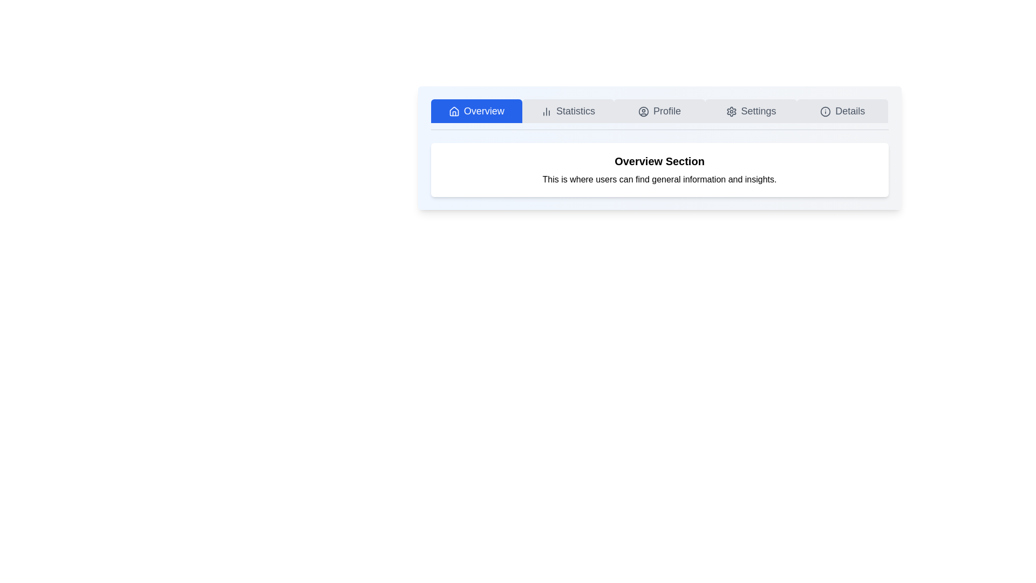  What do you see at coordinates (476, 111) in the screenshot?
I see `the 'Overview' button located at the top-center of the interface` at bounding box center [476, 111].